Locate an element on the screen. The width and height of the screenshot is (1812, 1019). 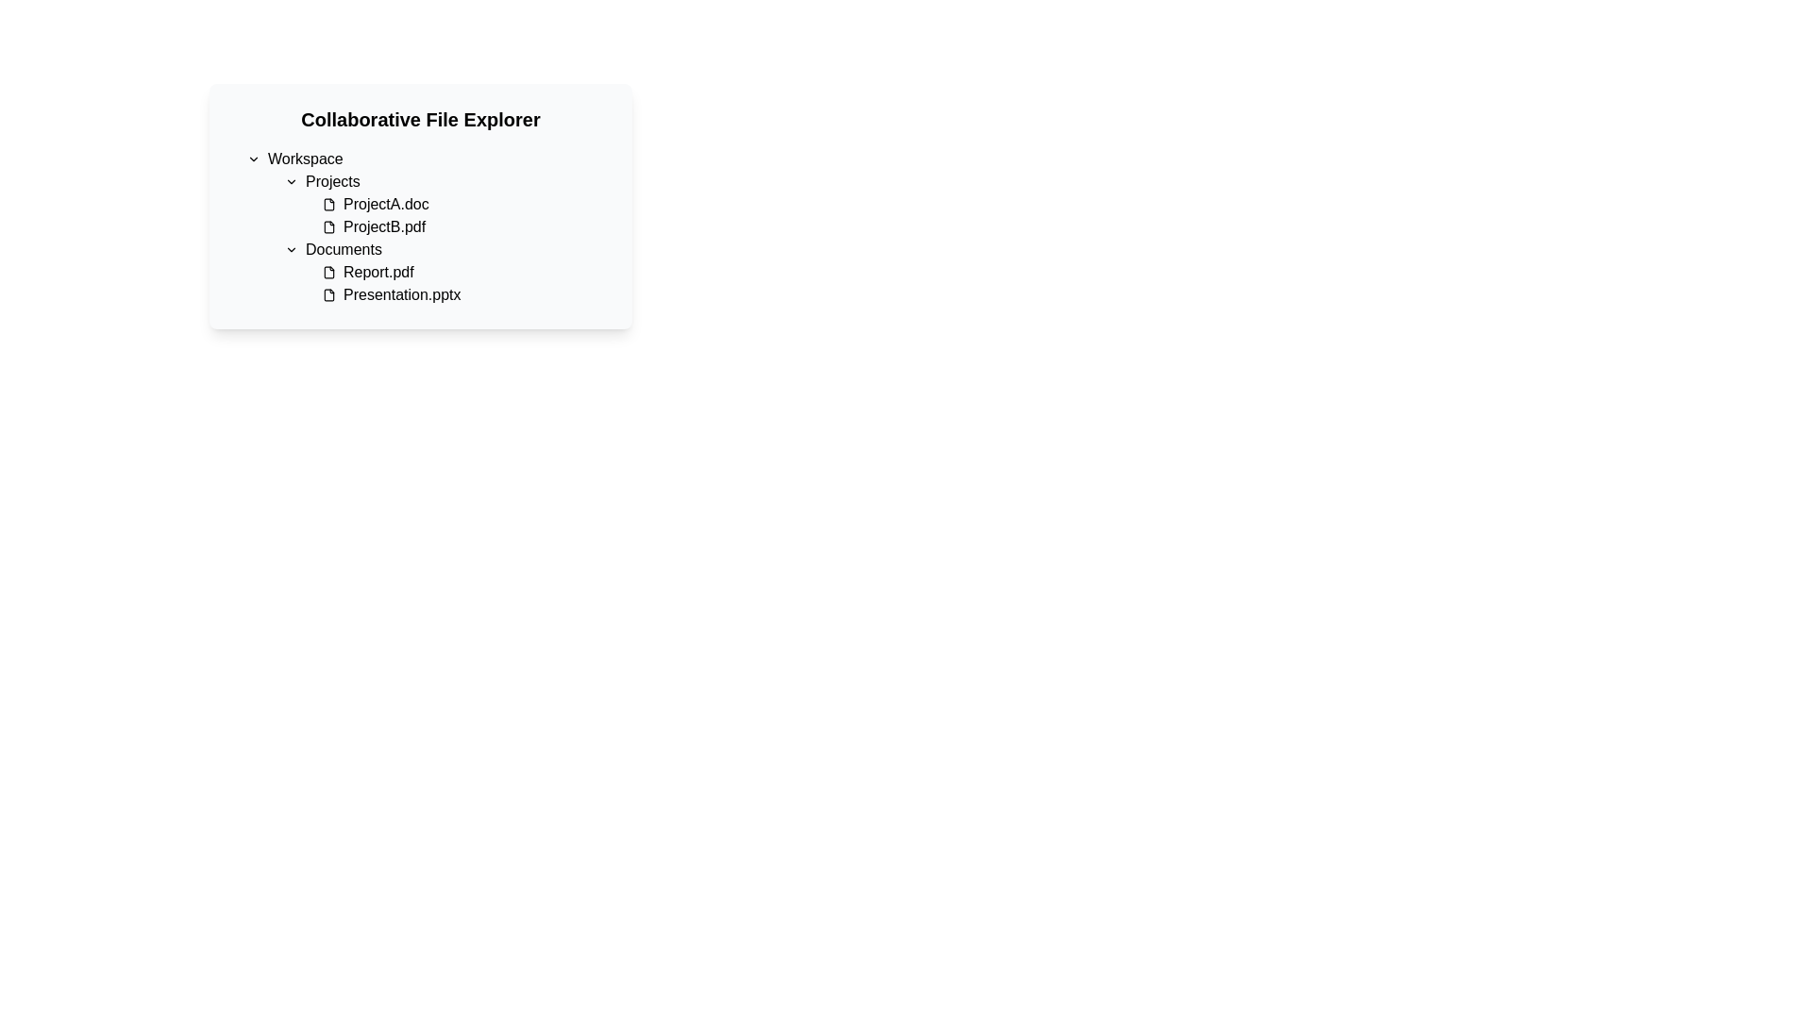
the folder or file by clicking on its name in the hierarchical list view of the file explorer, specifically targeting the center of the element located under the 'Workspace' section is located at coordinates (438, 238).